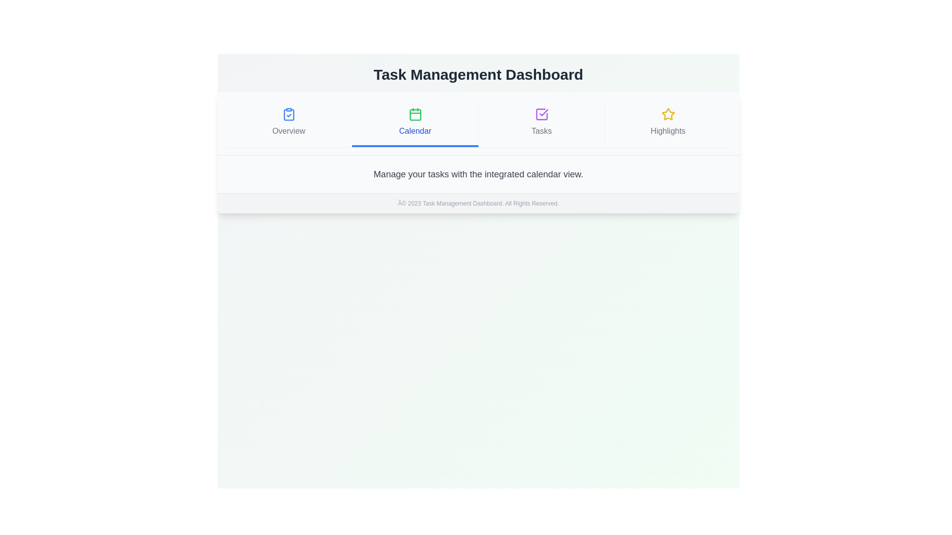  I want to click on the 'Highlights' navigation button located at the rightmost position of the tab bar under 'Task Management Dashboard', so click(668, 123).